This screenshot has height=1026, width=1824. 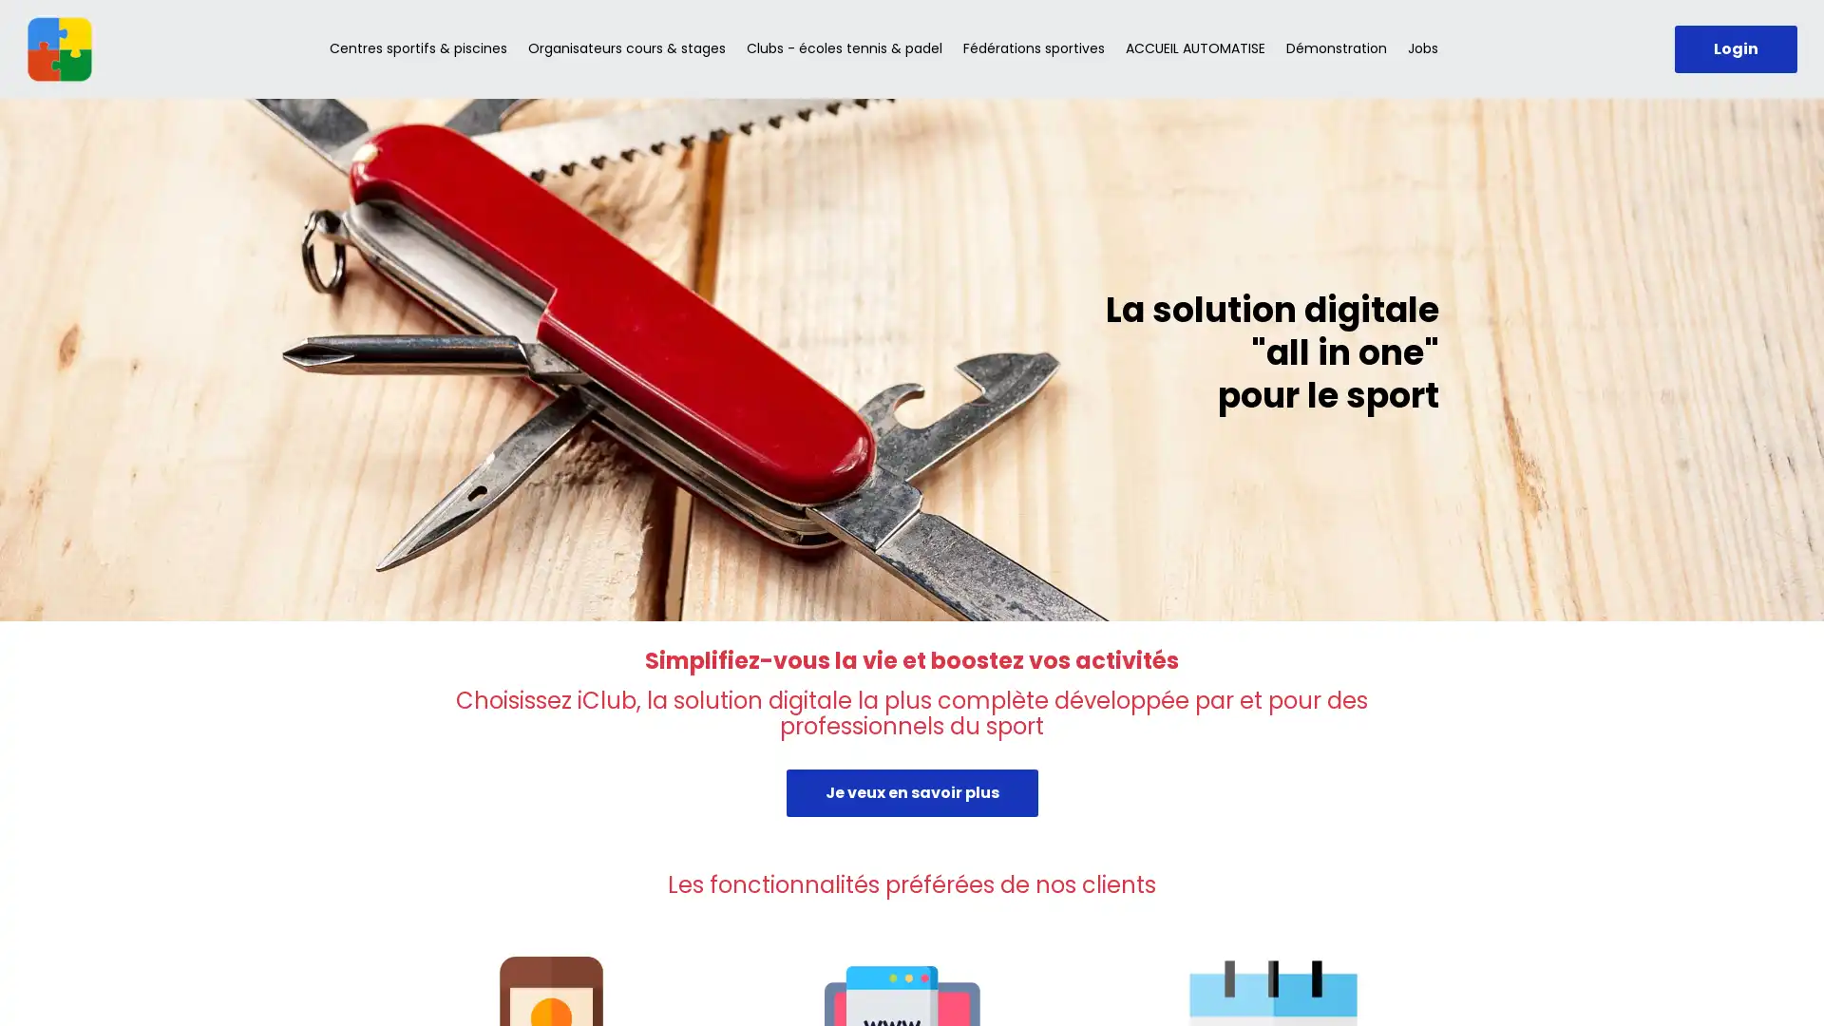 I want to click on Clubs - ecoles tennis & padel, so click(x=843, y=47).